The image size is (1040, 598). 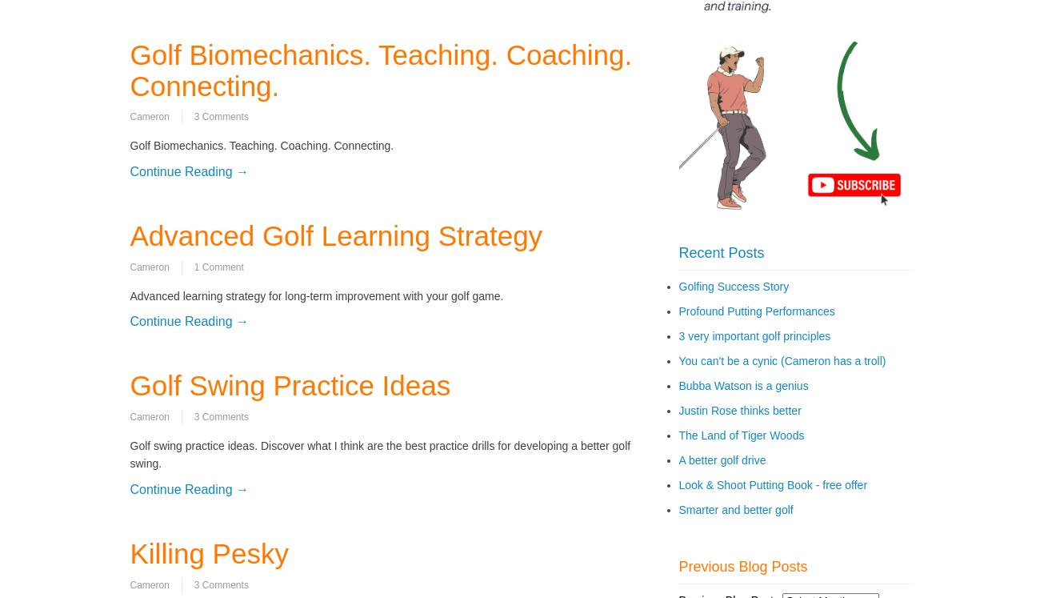 I want to click on 'Advanced learning strategy for long-term improvement with your golf game.', so click(x=316, y=295).